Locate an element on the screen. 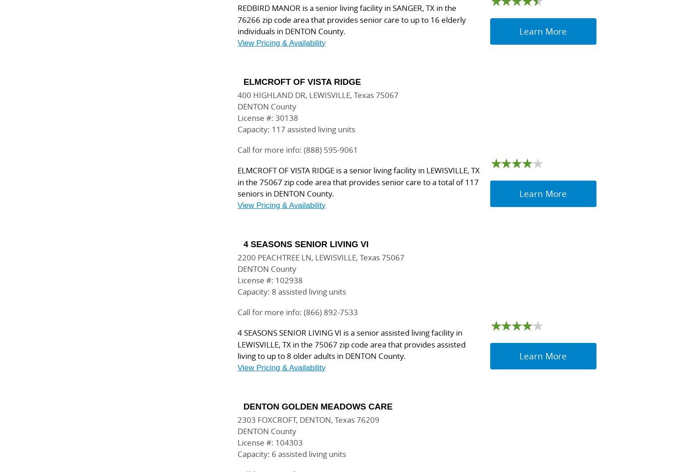 The image size is (684, 472). 'License #: 102938' is located at coordinates (269, 280).